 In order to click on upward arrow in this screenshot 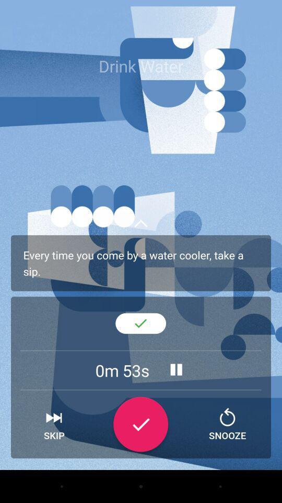, I will do `click(141, 223)`.